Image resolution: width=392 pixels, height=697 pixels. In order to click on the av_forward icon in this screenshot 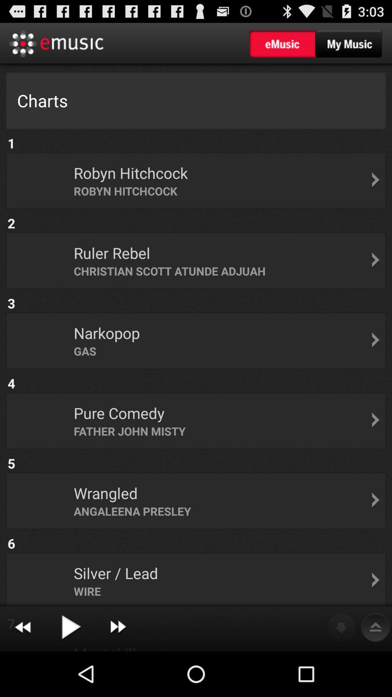, I will do `click(118, 671)`.